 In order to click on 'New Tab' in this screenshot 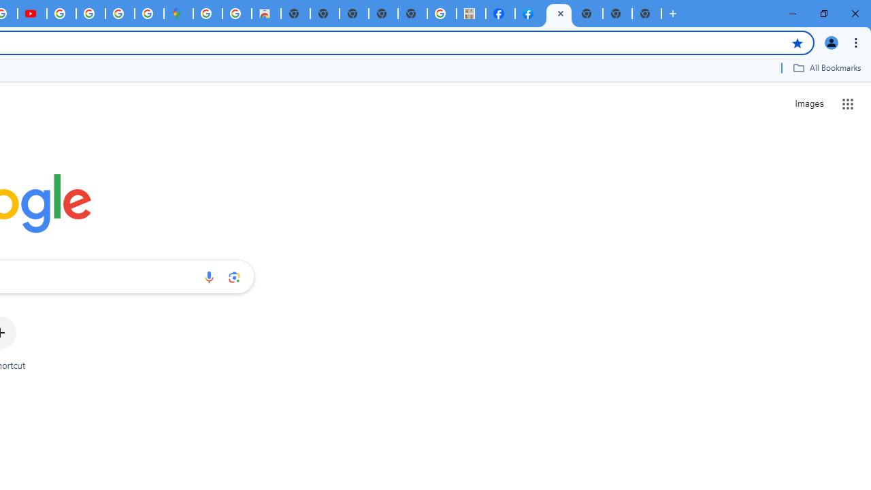, I will do `click(588, 14)`.